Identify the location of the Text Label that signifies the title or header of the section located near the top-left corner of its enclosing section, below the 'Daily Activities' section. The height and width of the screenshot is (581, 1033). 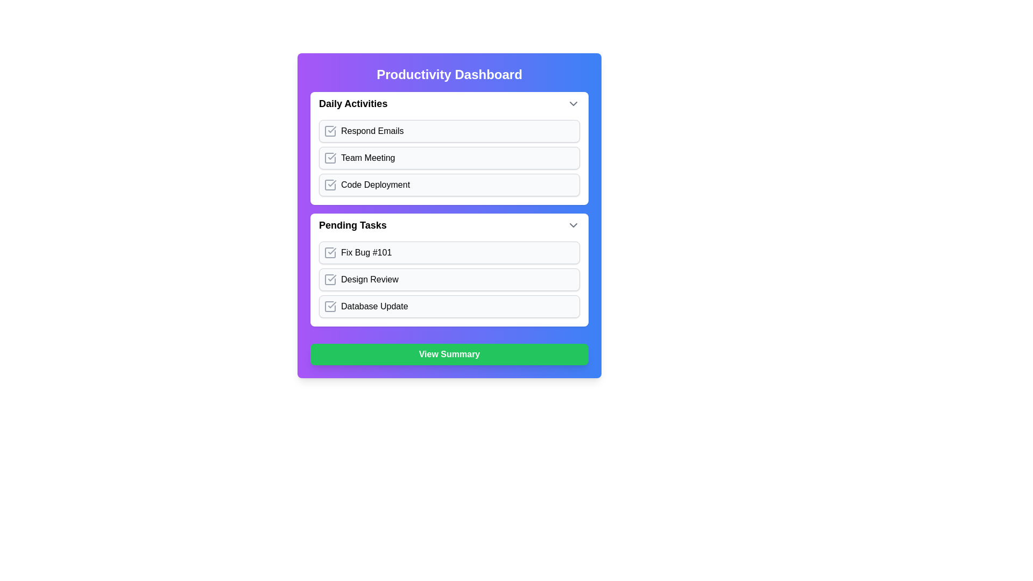
(352, 225).